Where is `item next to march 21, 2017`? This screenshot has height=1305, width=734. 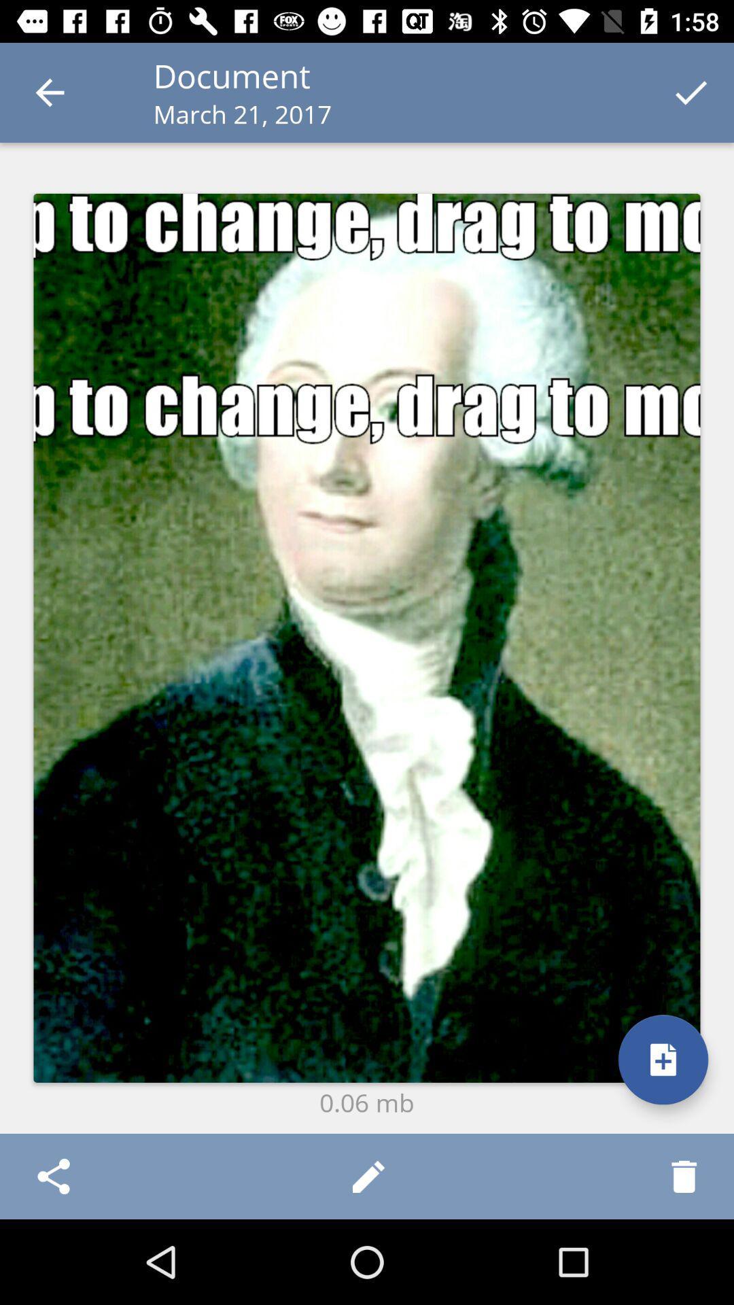
item next to march 21, 2017 is located at coordinates (691, 92).